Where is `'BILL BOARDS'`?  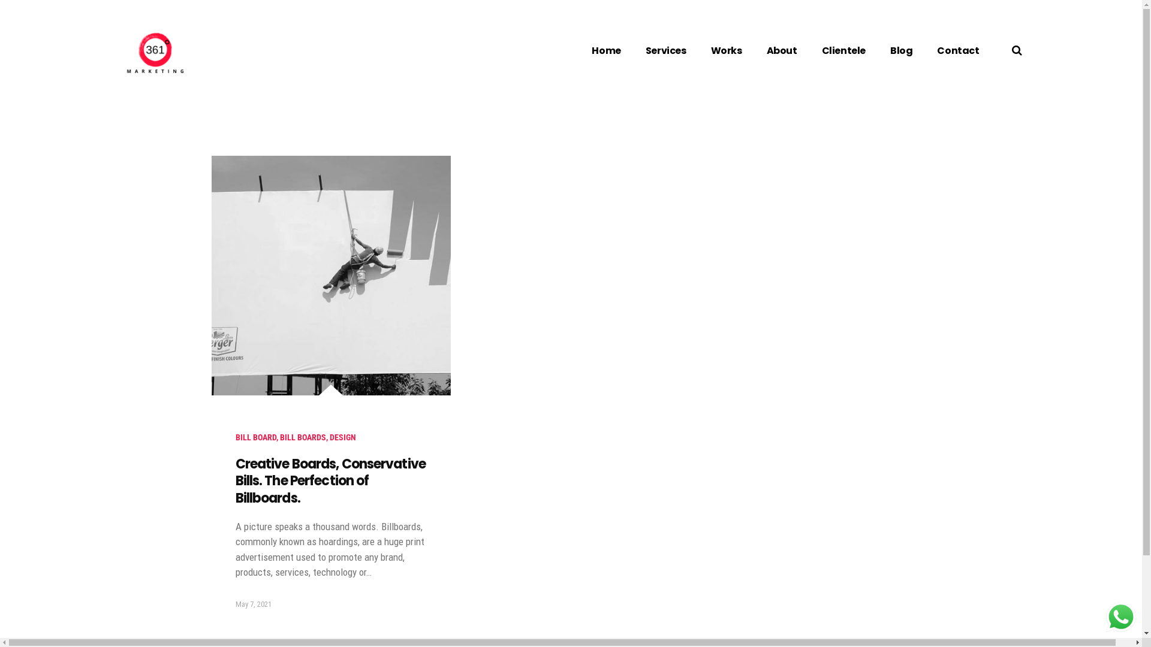
'BILL BOARDS' is located at coordinates (302, 437).